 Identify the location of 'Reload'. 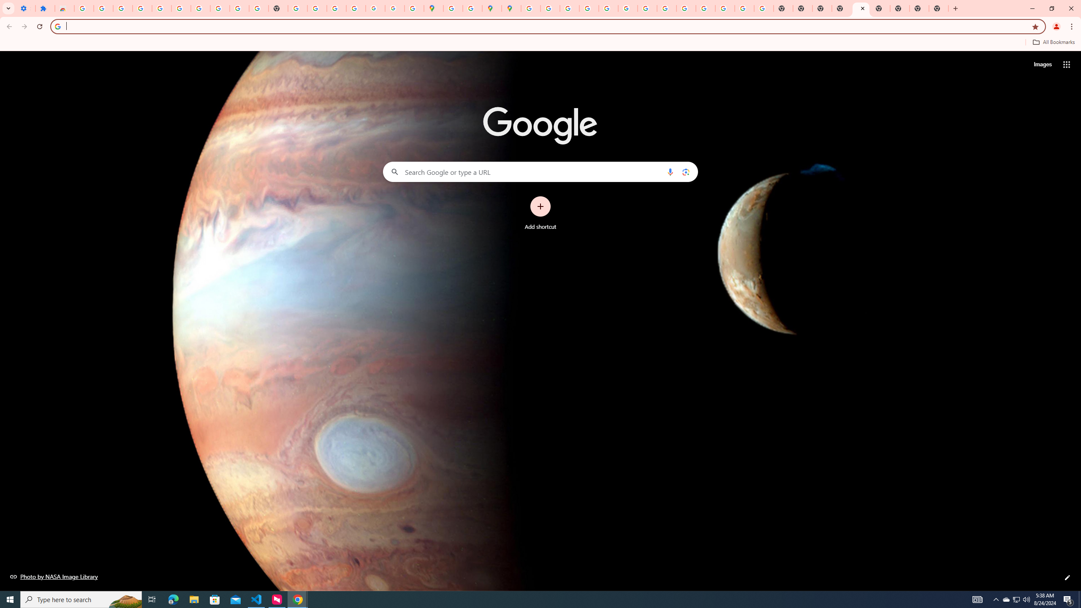
(39, 26).